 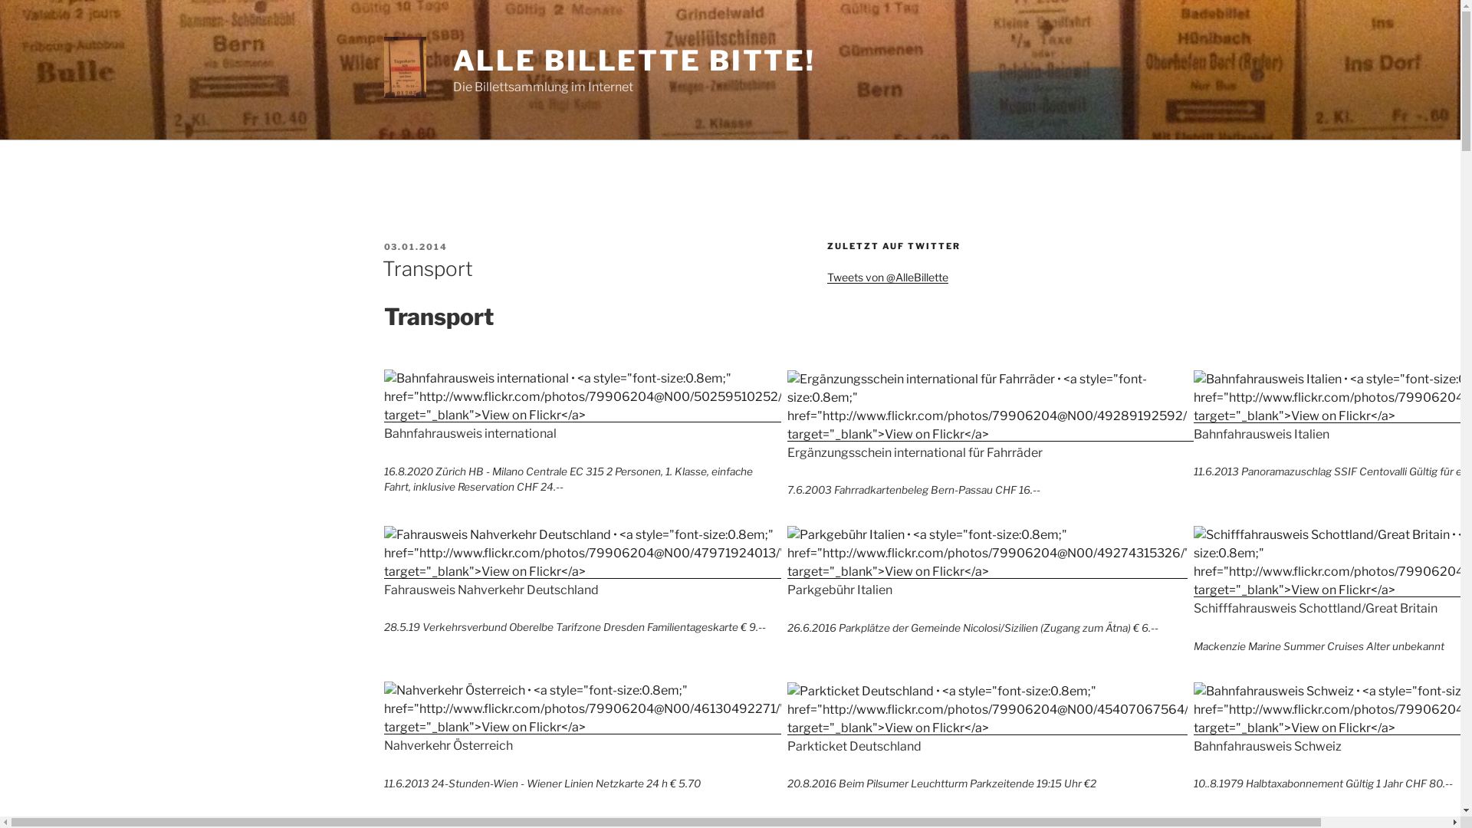 What do you see at coordinates (383, 415) in the screenshot?
I see `'Bahnfahrausweis international'` at bounding box center [383, 415].